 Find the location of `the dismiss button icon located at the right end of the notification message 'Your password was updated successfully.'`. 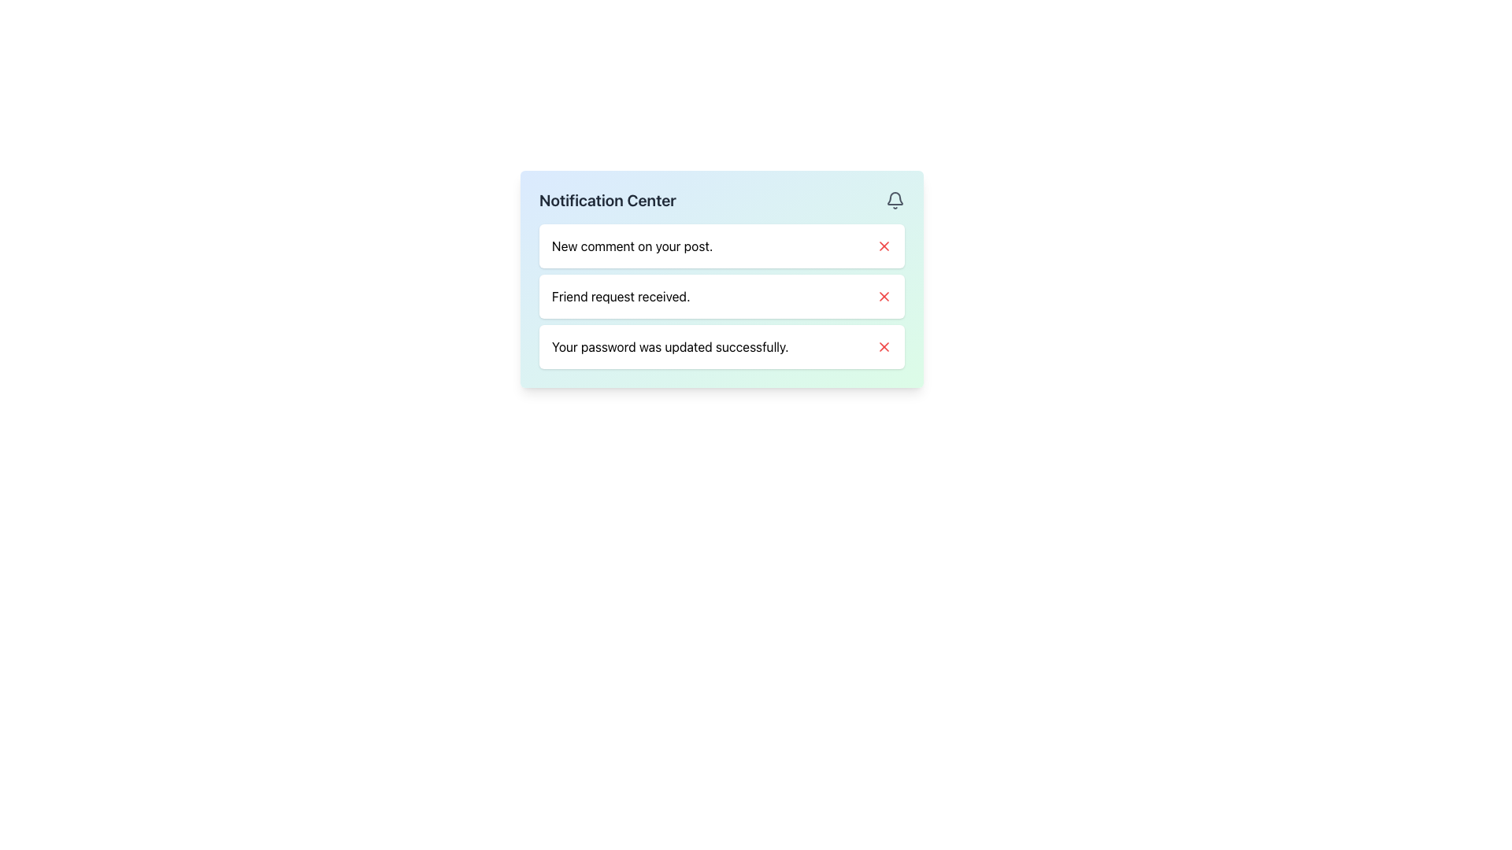

the dismiss button icon located at the right end of the notification message 'Your password was updated successfully.' is located at coordinates (884, 346).